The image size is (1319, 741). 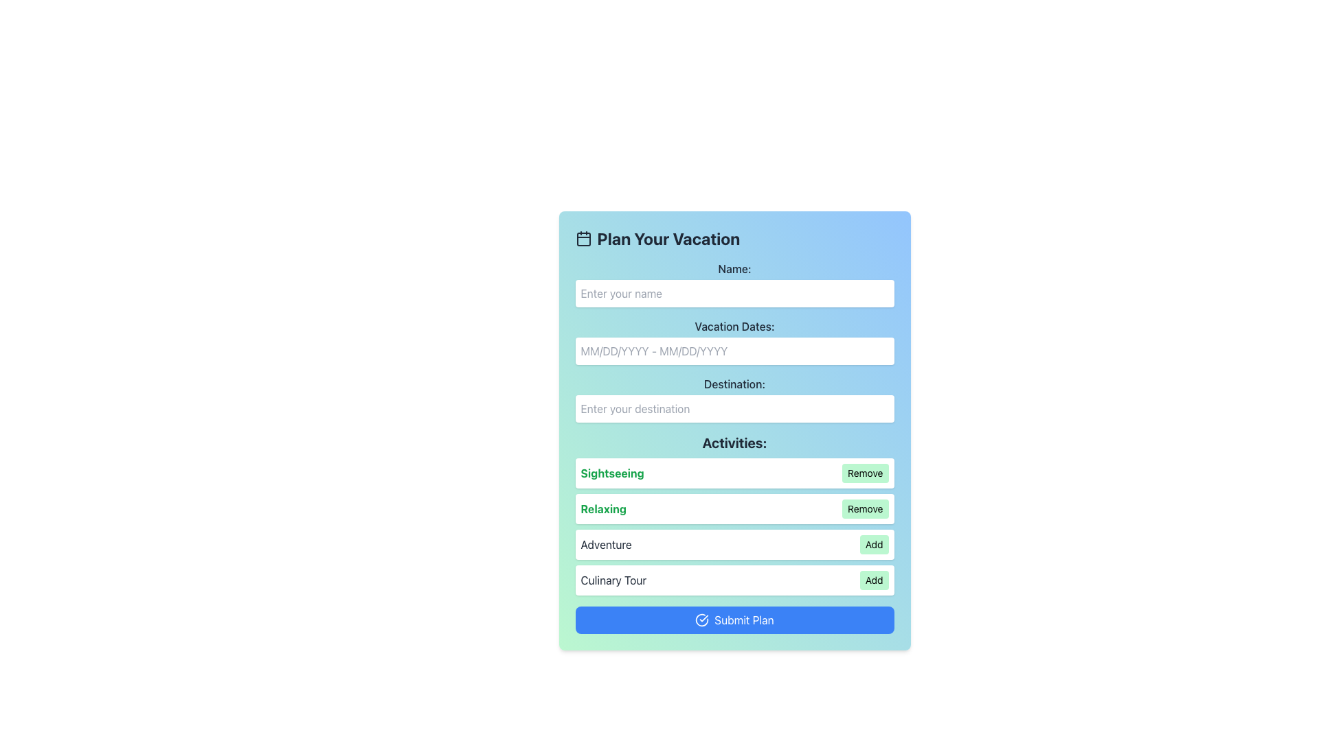 I want to click on the text label 'Destination:' which is styled with a medium font weight and dark gray color, positioned above the input field for destination entry in the 'Plan Your Vacation' section, so click(x=734, y=384).